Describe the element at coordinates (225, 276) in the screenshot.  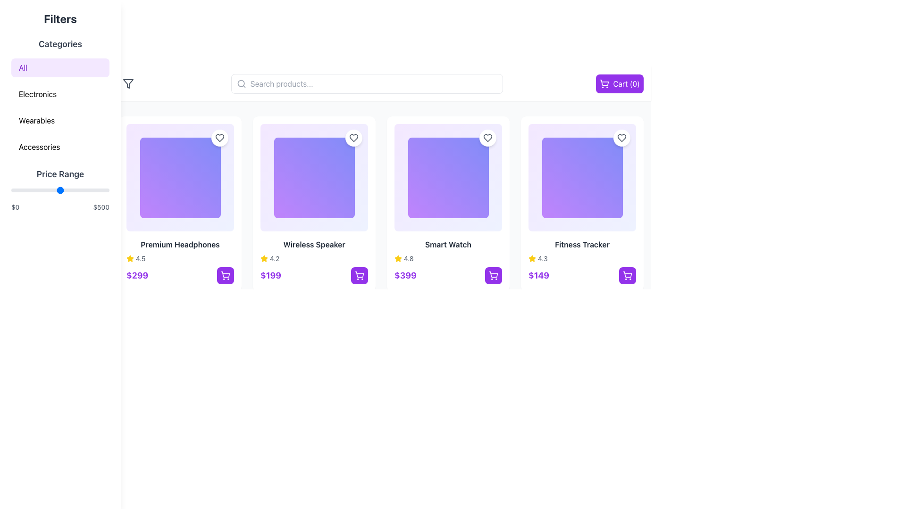
I see `the button labeled for adding the product 'Premium Headphones' priced at '$299' to the shopping cart` at that location.